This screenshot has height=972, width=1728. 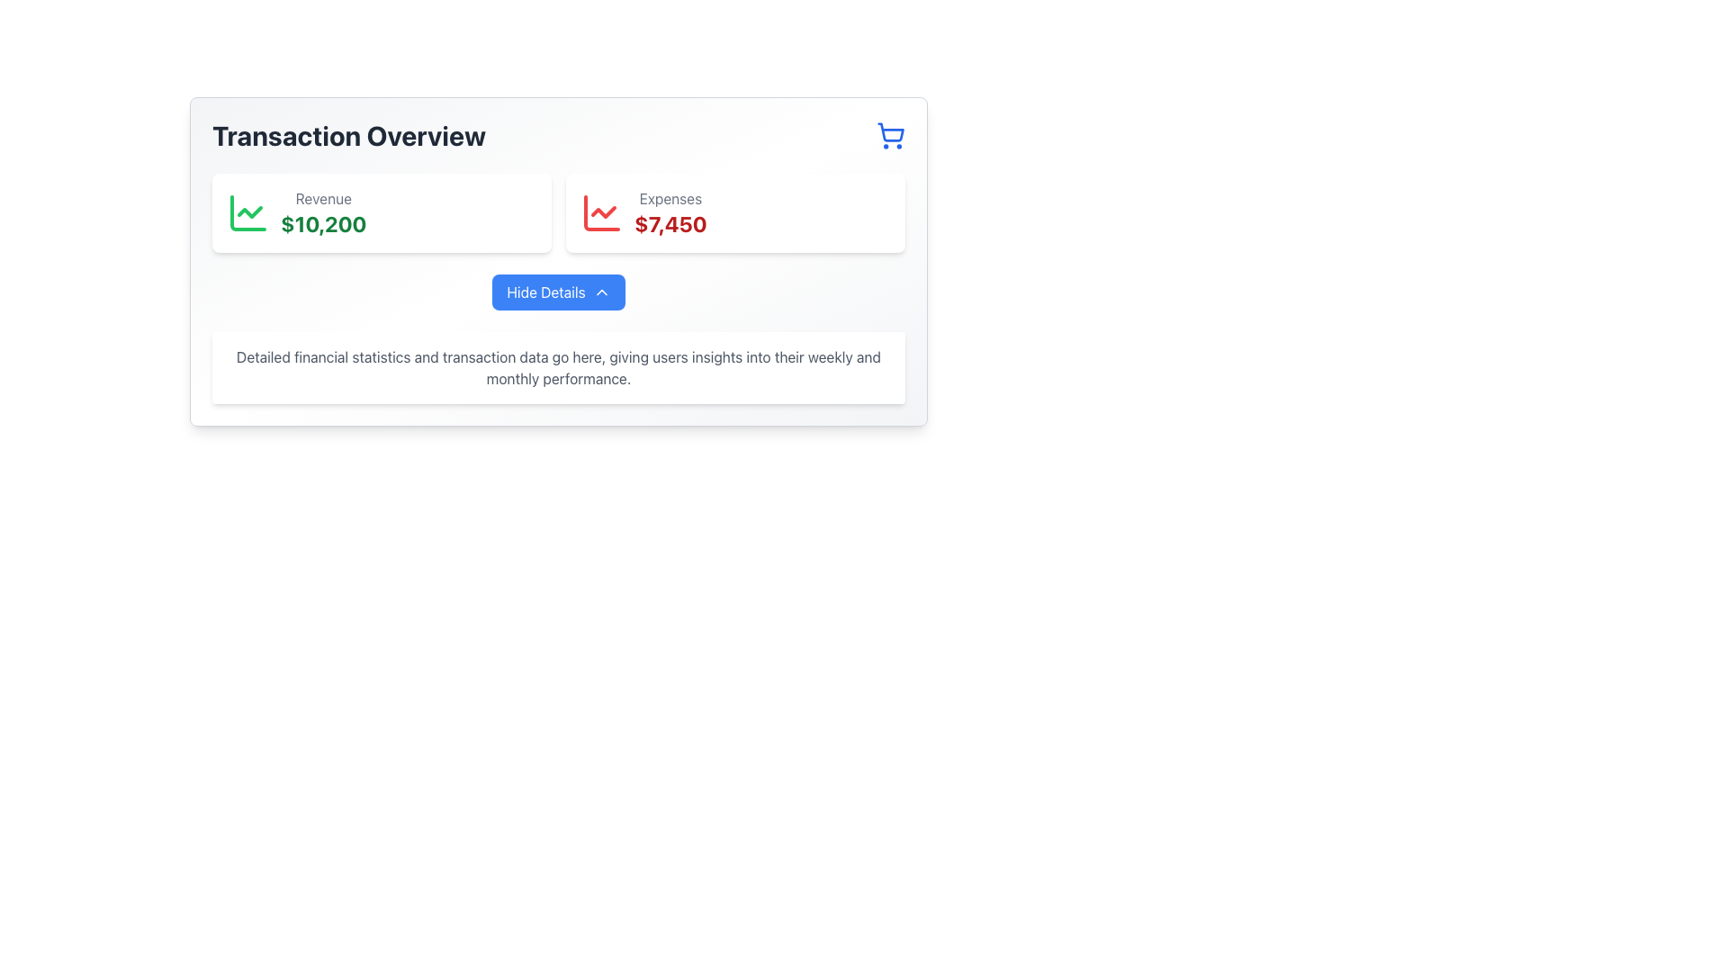 What do you see at coordinates (670, 223) in the screenshot?
I see `the static text display that shows the expenses amount in the transaction summary, located in the right column below the title 'Expenses'` at bounding box center [670, 223].